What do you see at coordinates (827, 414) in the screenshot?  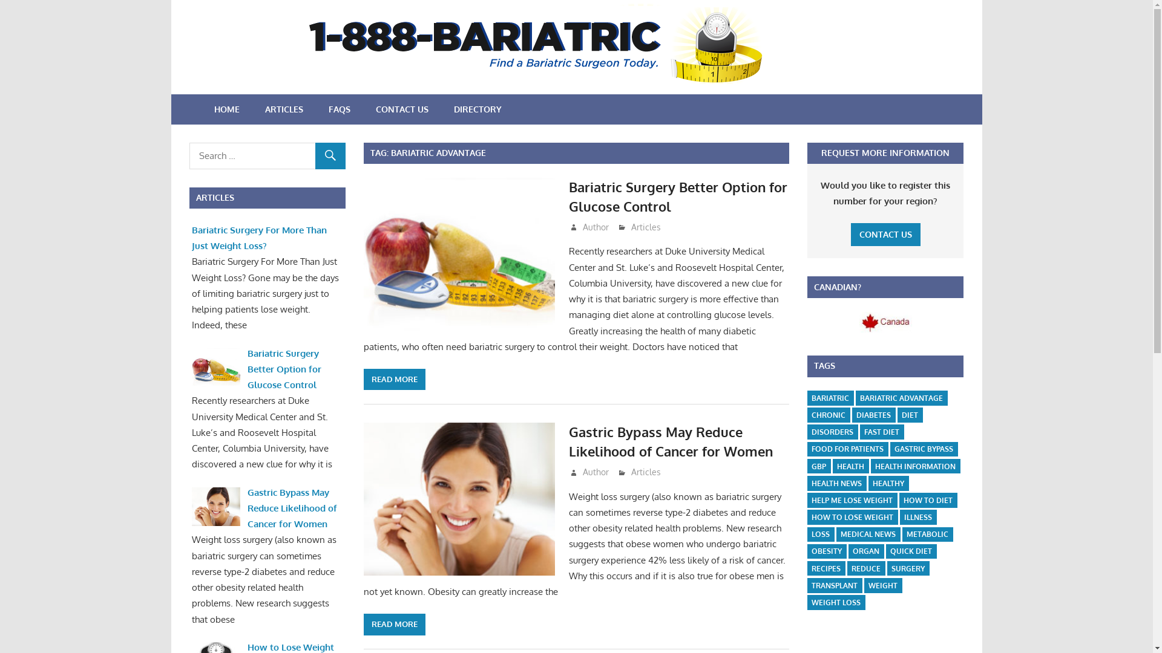 I see `'CHRONIC'` at bounding box center [827, 414].